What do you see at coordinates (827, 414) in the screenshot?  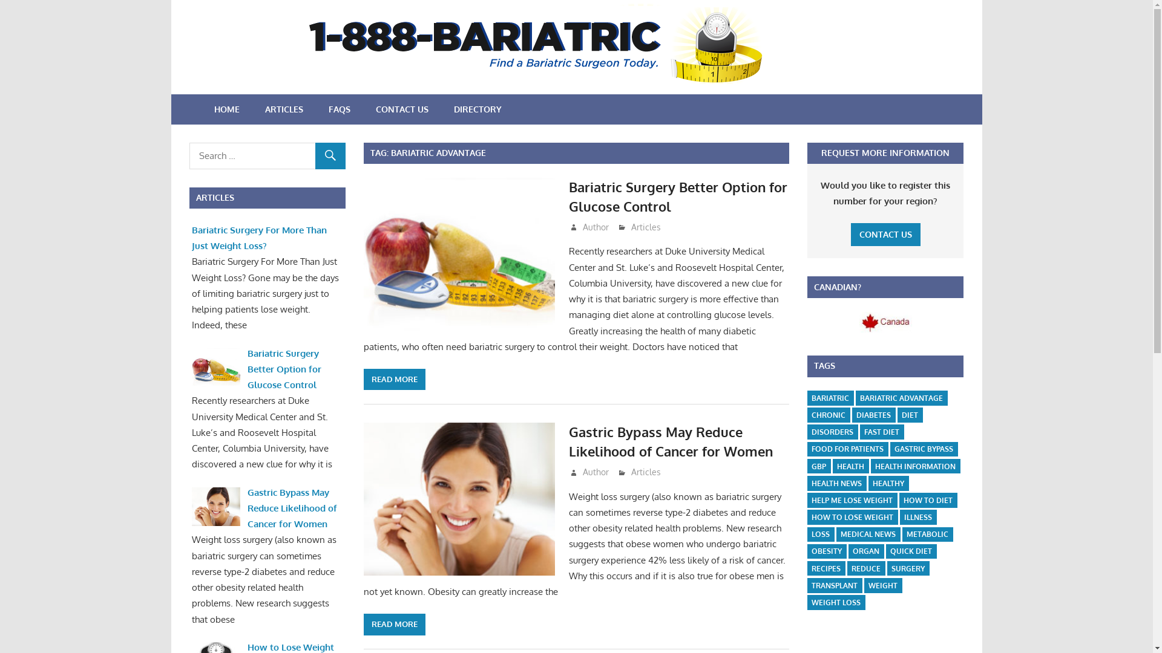 I see `'CHRONIC'` at bounding box center [827, 414].